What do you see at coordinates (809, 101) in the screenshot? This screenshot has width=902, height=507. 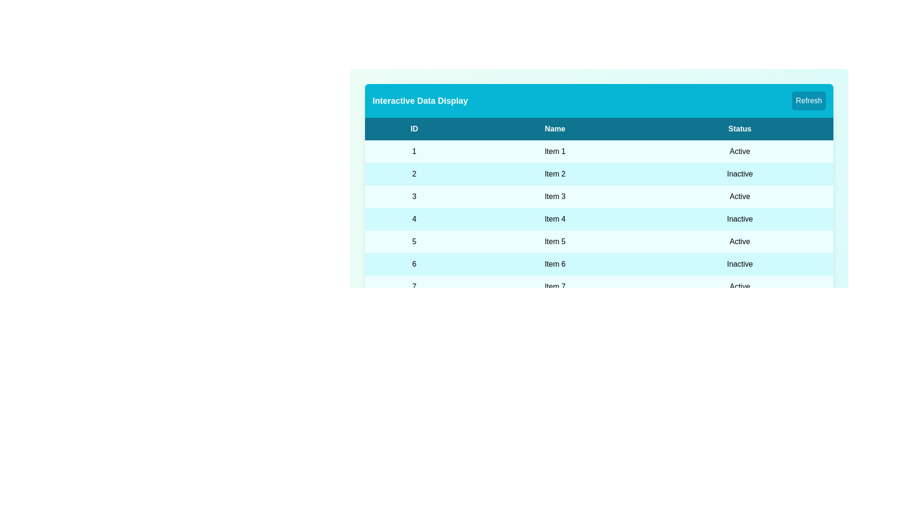 I see `'Refresh' button to reload the data table` at bounding box center [809, 101].